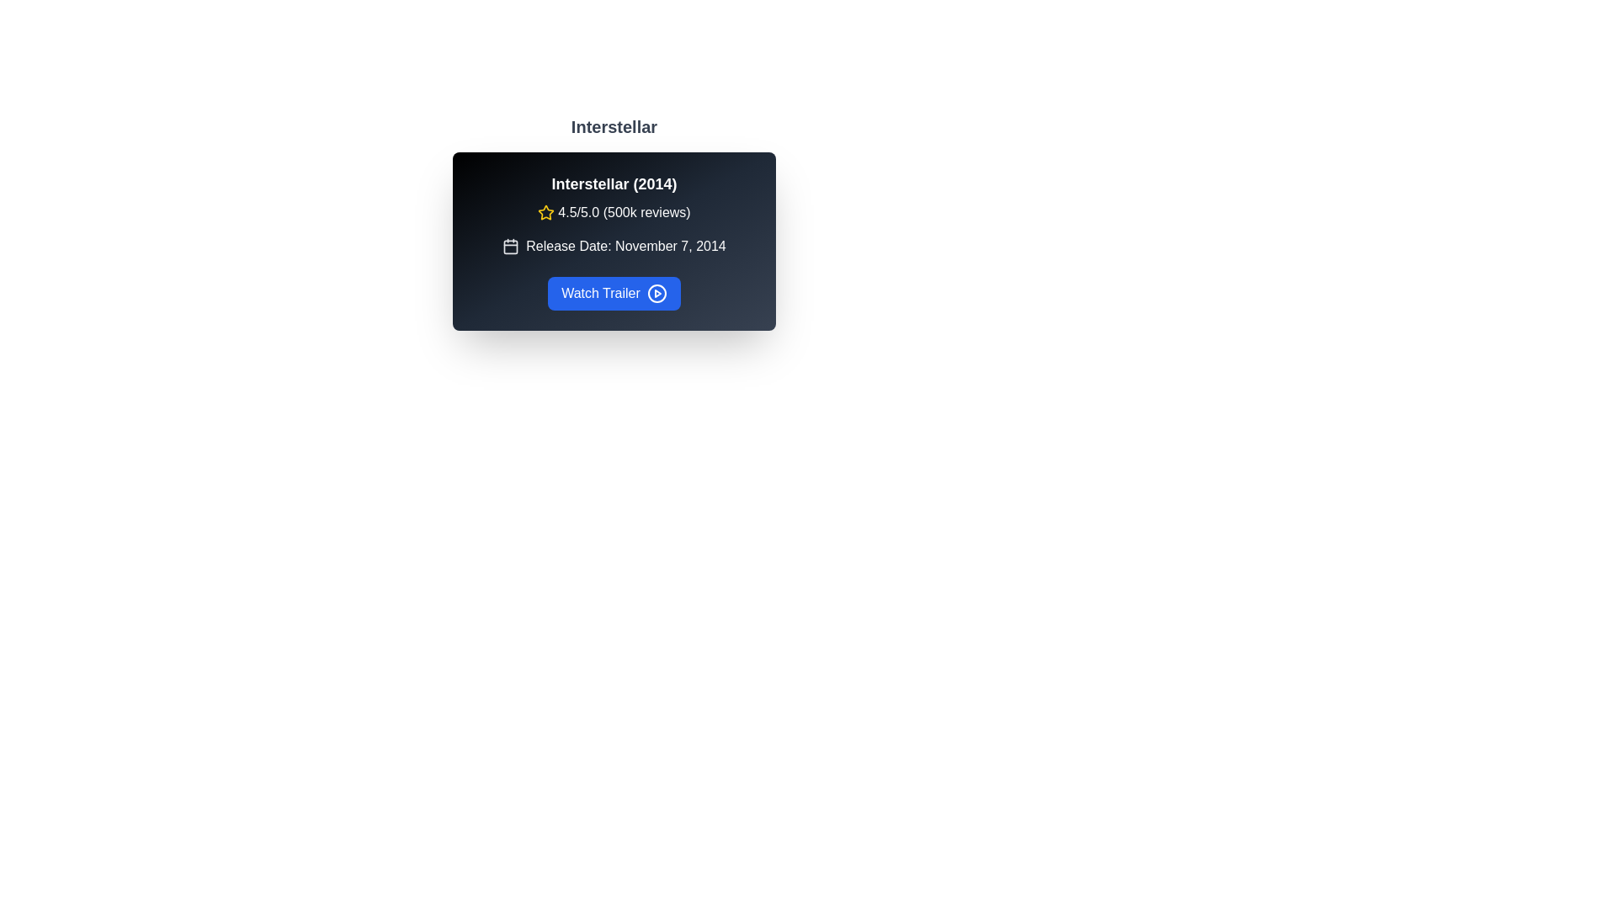 This screenshot has width=1616, height=909. Describe the element at coordinates (510, 247) in the screenshot. I see `the small minimalist outline calendar icon located to the left of the text 'Release Date: November 7, 2014'` at that location.